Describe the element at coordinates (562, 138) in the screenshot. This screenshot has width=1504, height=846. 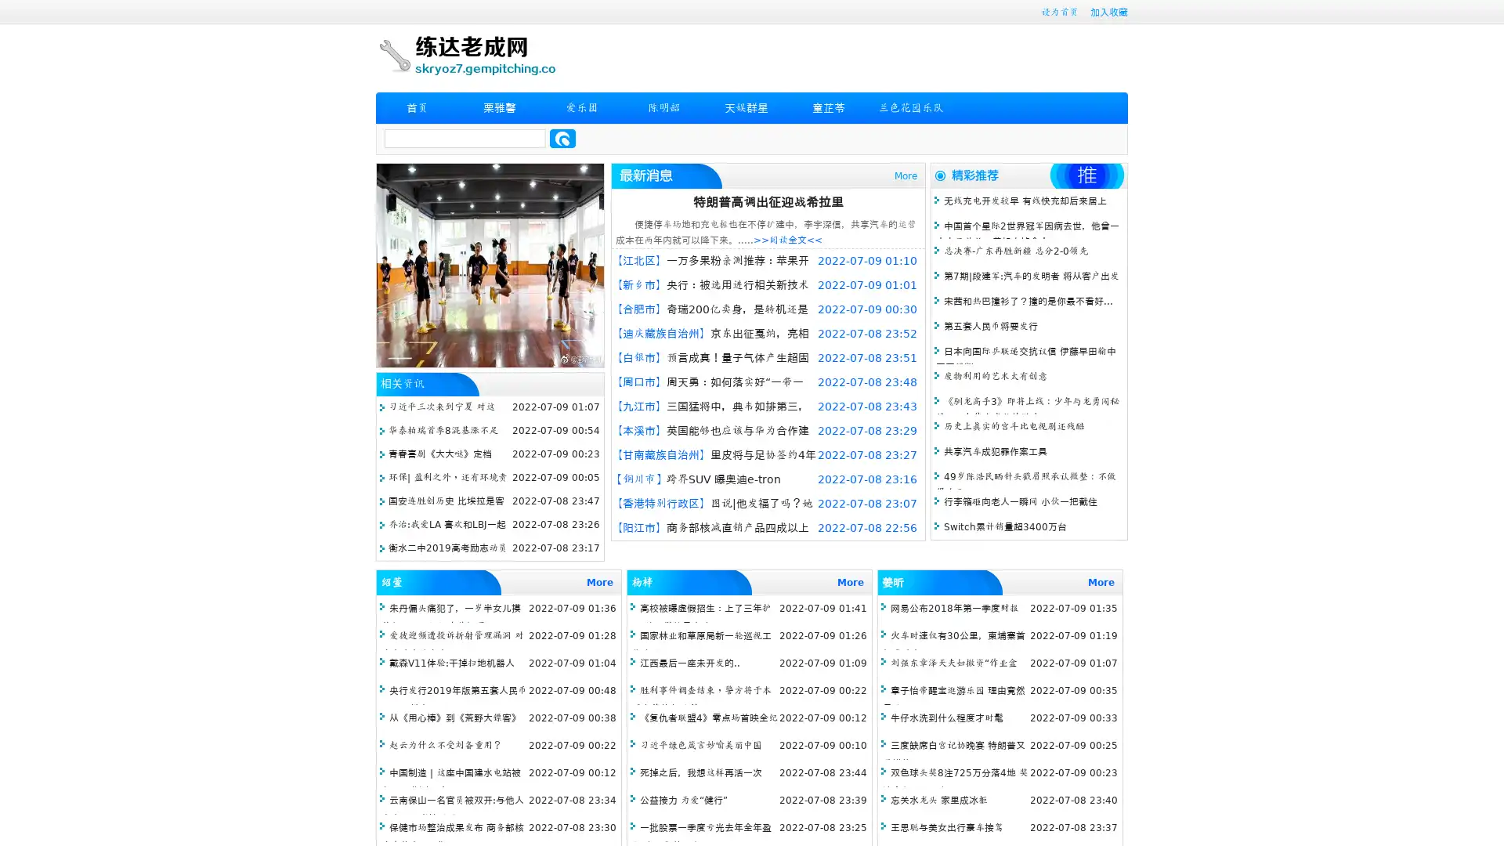
I see `Search` at that location.